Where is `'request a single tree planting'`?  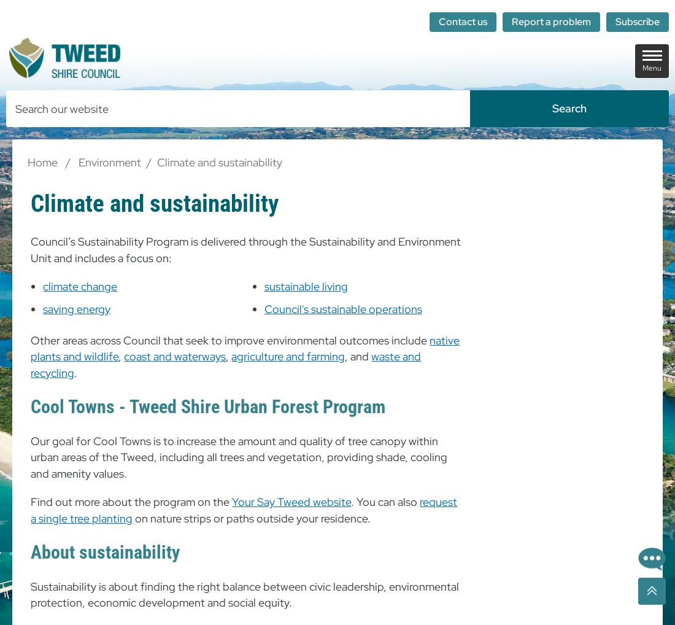
'request a single tree planting' is located at coordinates (244, 509).